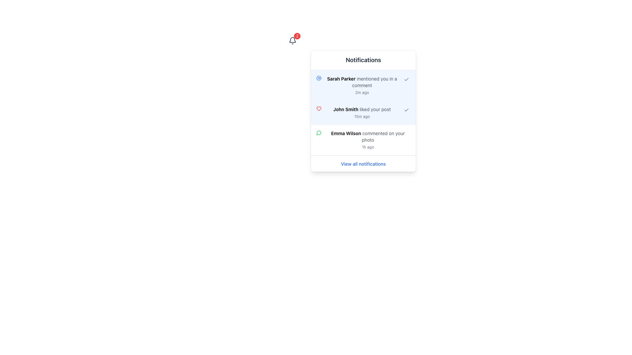  I want to click on the circular button with a checkmark icon to mark the notification from 'Sarah Parker' as read, so click(406, 79).